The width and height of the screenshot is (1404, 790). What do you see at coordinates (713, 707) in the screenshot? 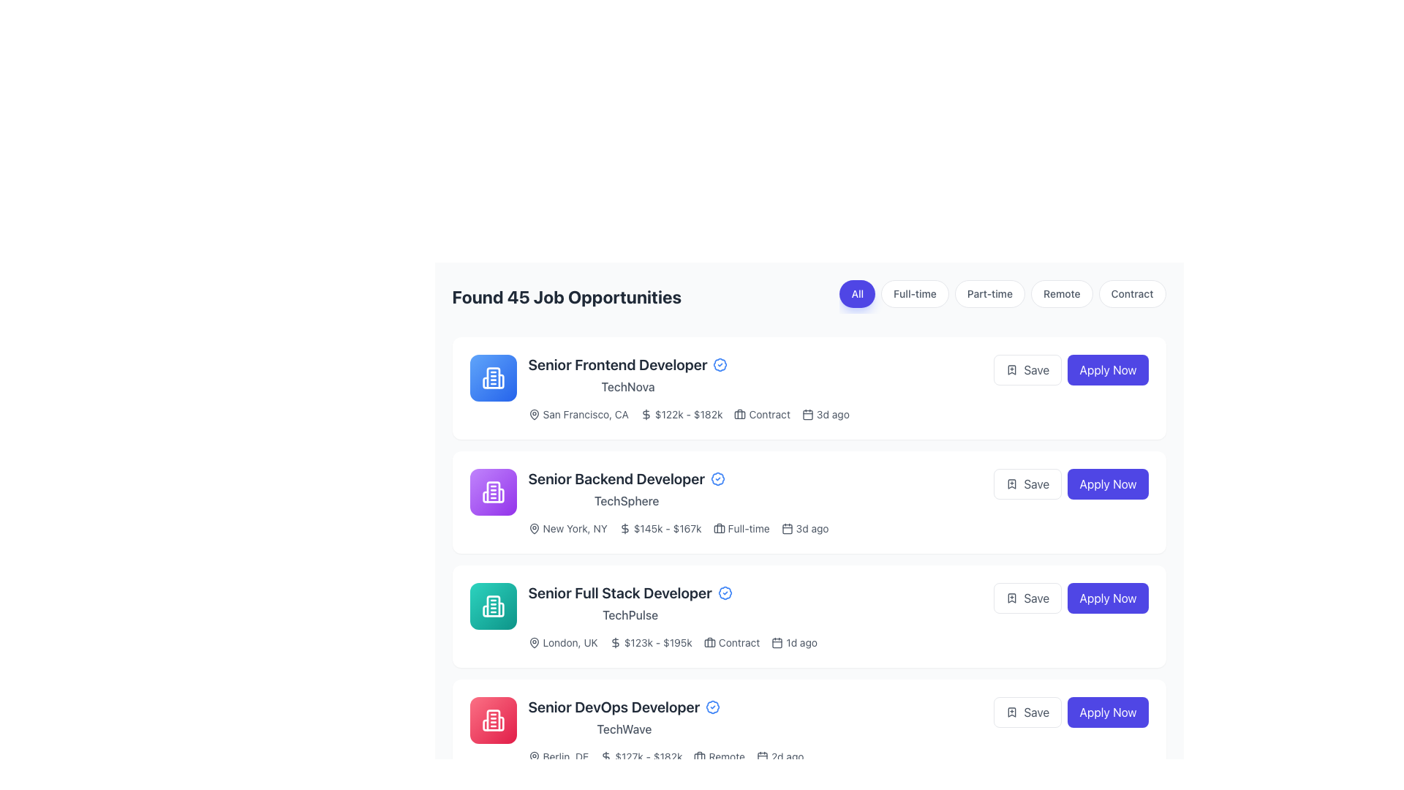
I see `the badge icon located immediately to the right of the job title 'Senior DevOps Developer'` at bounding box center [713, 707].